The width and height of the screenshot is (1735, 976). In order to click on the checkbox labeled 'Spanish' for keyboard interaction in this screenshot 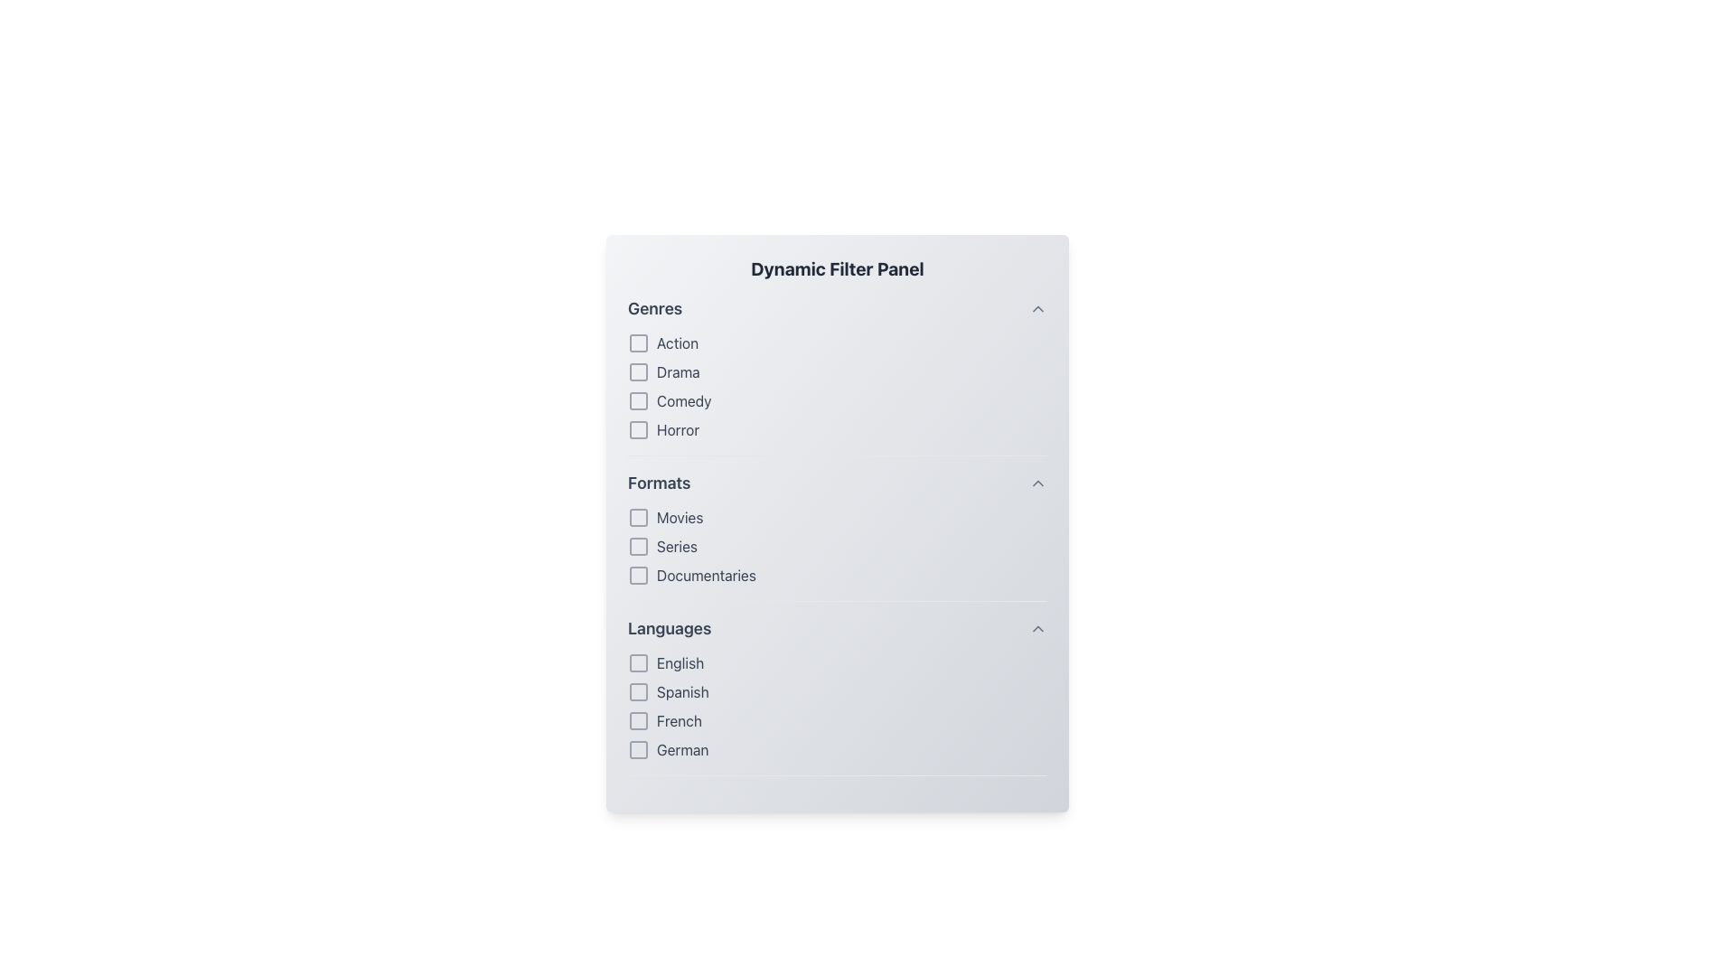, I will do `click(836, 691)`.